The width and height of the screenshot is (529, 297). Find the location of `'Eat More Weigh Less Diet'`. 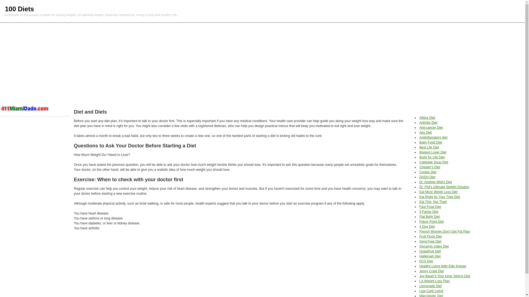

'Eat More Weigh Less Diet' is located at coordinates (438, 192).